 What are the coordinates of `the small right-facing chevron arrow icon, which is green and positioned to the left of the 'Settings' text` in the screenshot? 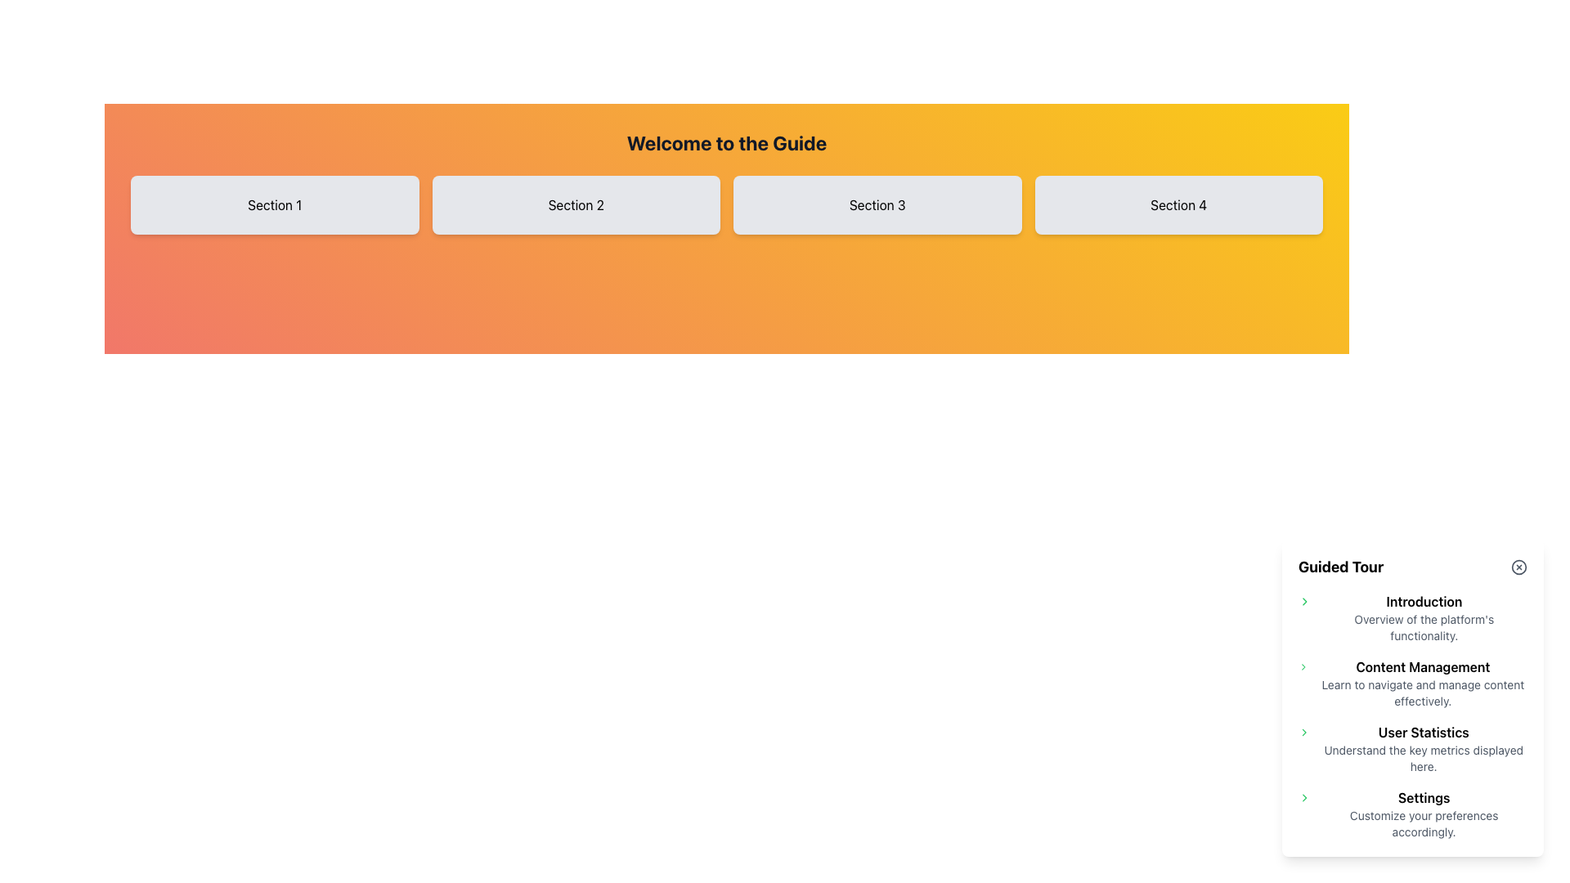 It's located at (1303, 796).